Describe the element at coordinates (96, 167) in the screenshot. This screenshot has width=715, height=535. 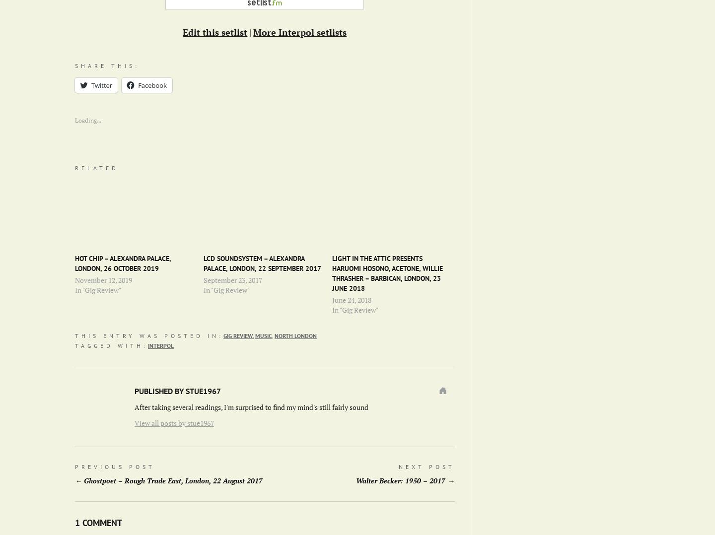
I see `'Related'` at that location.